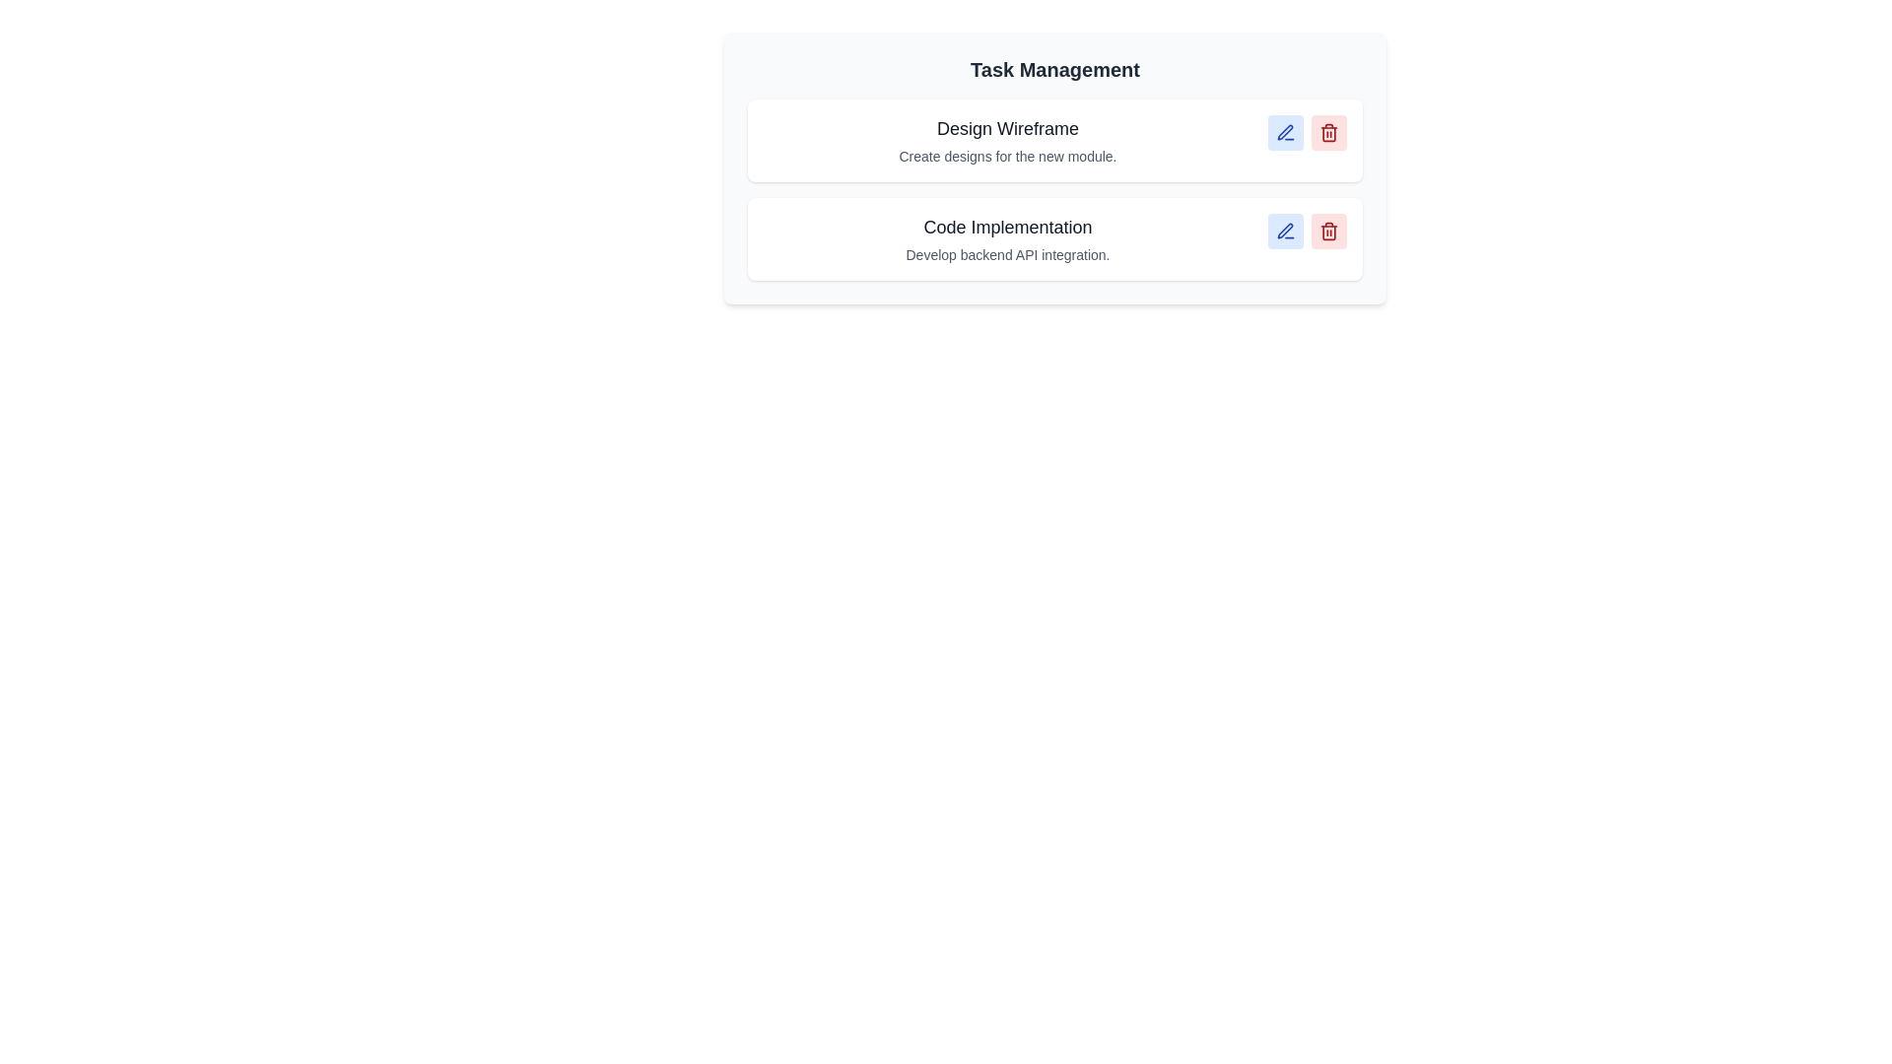 This screenshot has height=1064, width=1892. What do you see at coordinates (1328, 133) in the screenshot?
I see `delete button next to the task titled 'Design Wireframe' to remove it` at bounding box center [1328, 133].